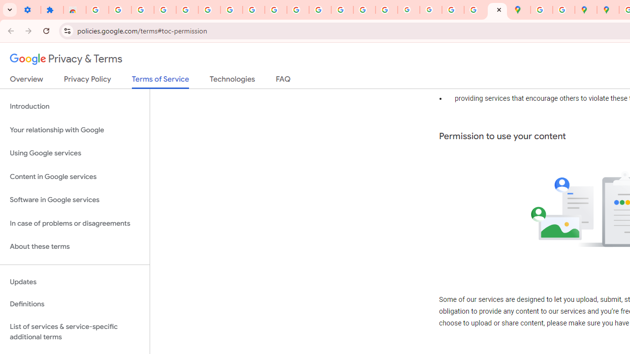  What do you see at coordinates (52, 10) in the screenshot?
I see `'Extensions'` at bounding box center [52, 10].